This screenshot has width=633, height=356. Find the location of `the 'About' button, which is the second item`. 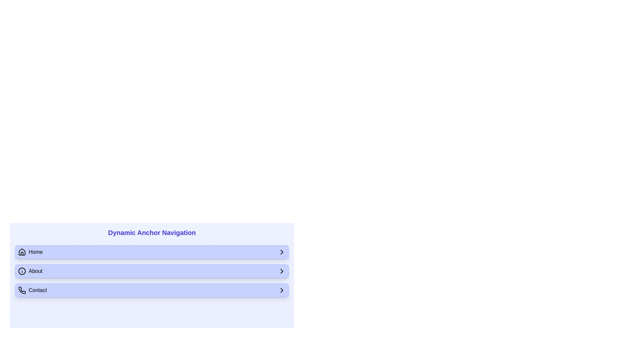

the 'About' button, which is the second item is located at coordinates (151, 271).